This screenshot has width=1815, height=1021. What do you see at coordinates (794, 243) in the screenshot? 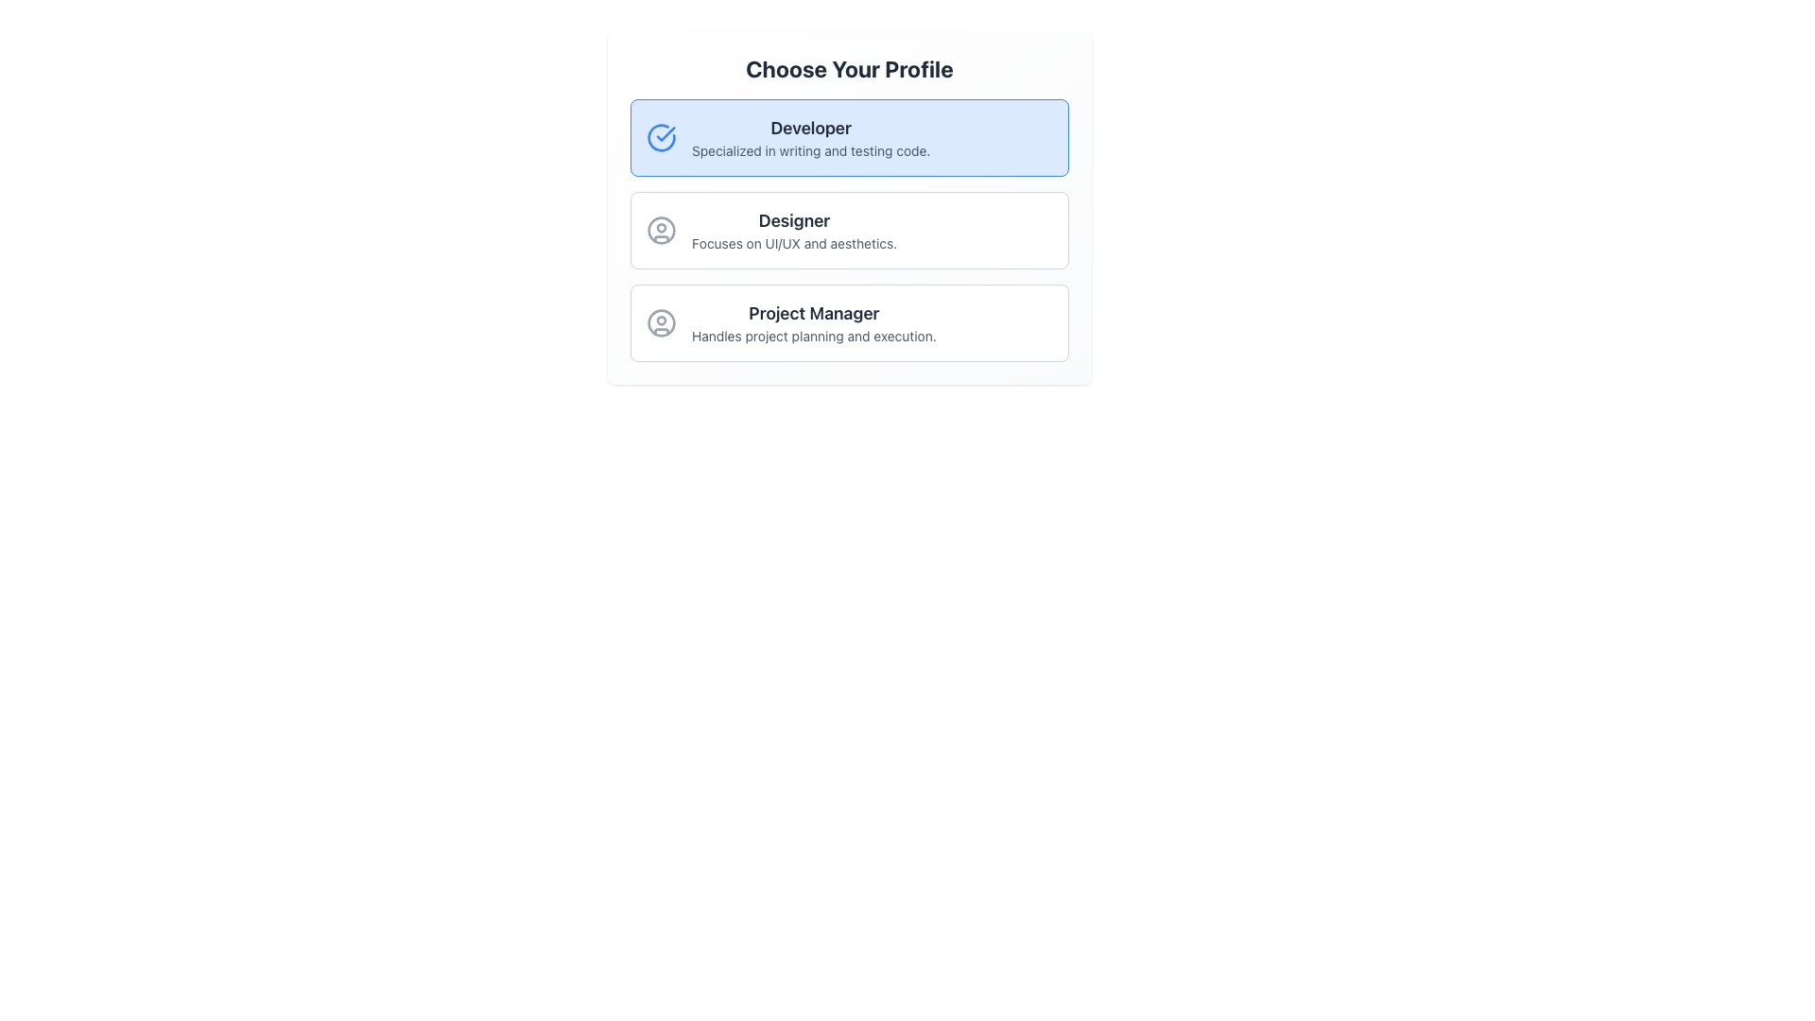
I see `the descriptive text element reading 'Focuses on UI/UX and aesthetics.' which is located beneath the 'Designer' text` at bounding box center [794, 243].